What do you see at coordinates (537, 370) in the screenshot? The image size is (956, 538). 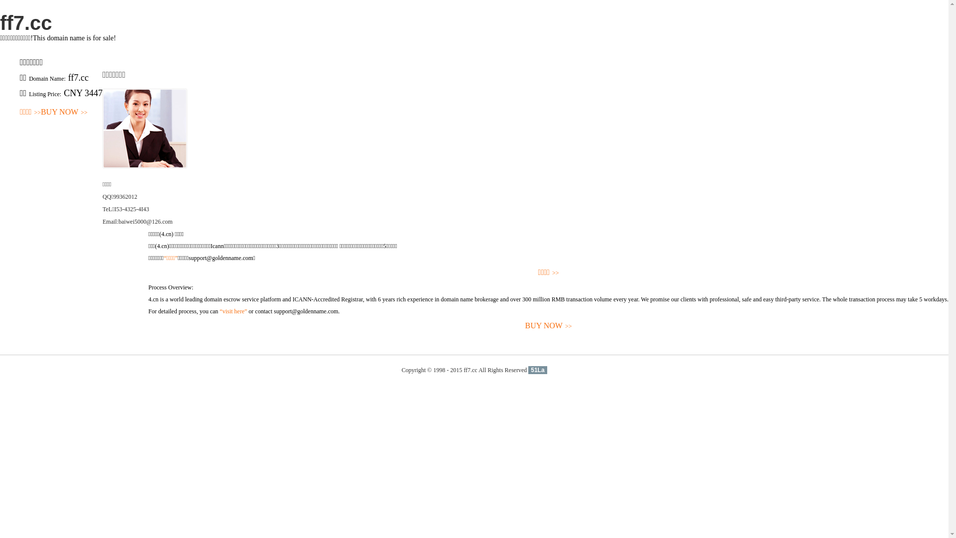 I see `'51La'` at bounding box center [537, 370].